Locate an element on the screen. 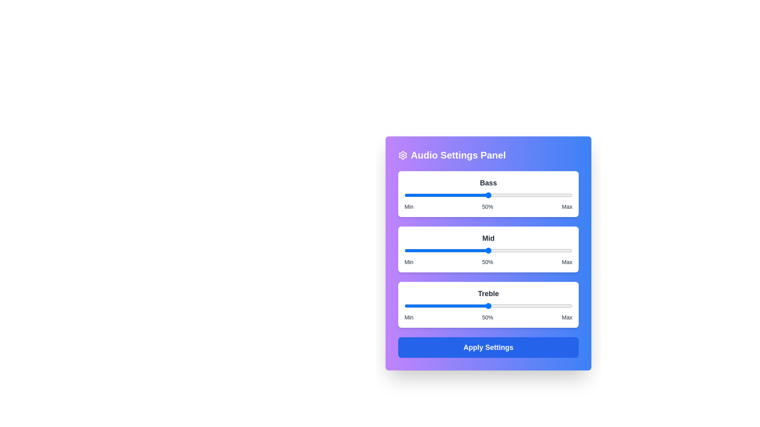  the bass level is located at coordinates (517, 195).